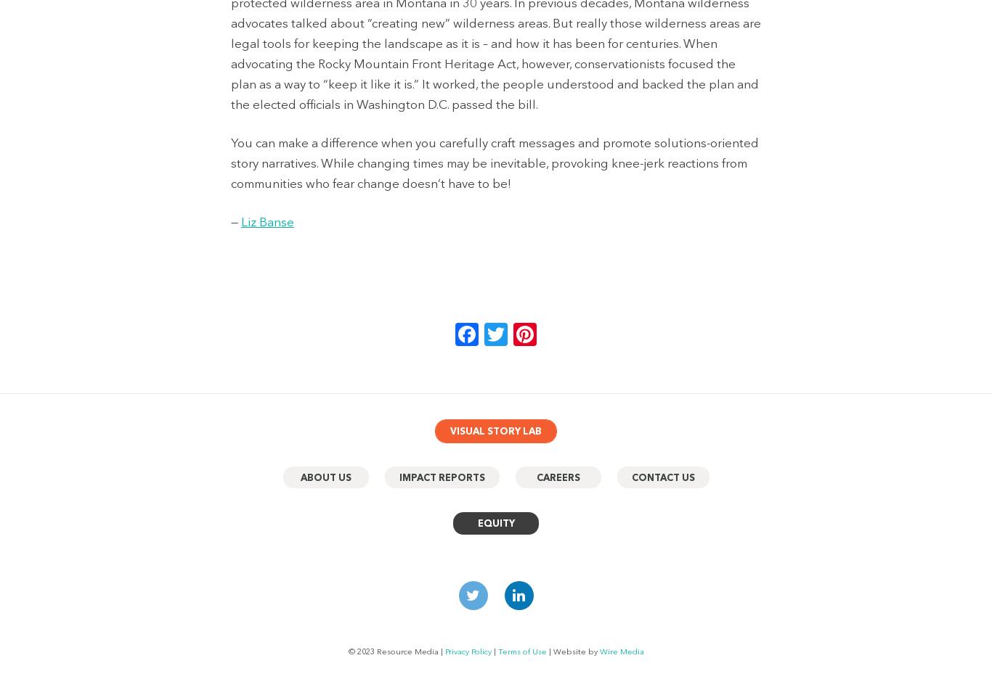  What do you see at coordinates (536, 477) in the screenshot?
I see `'Careers'` at bounding box center [536, 477].